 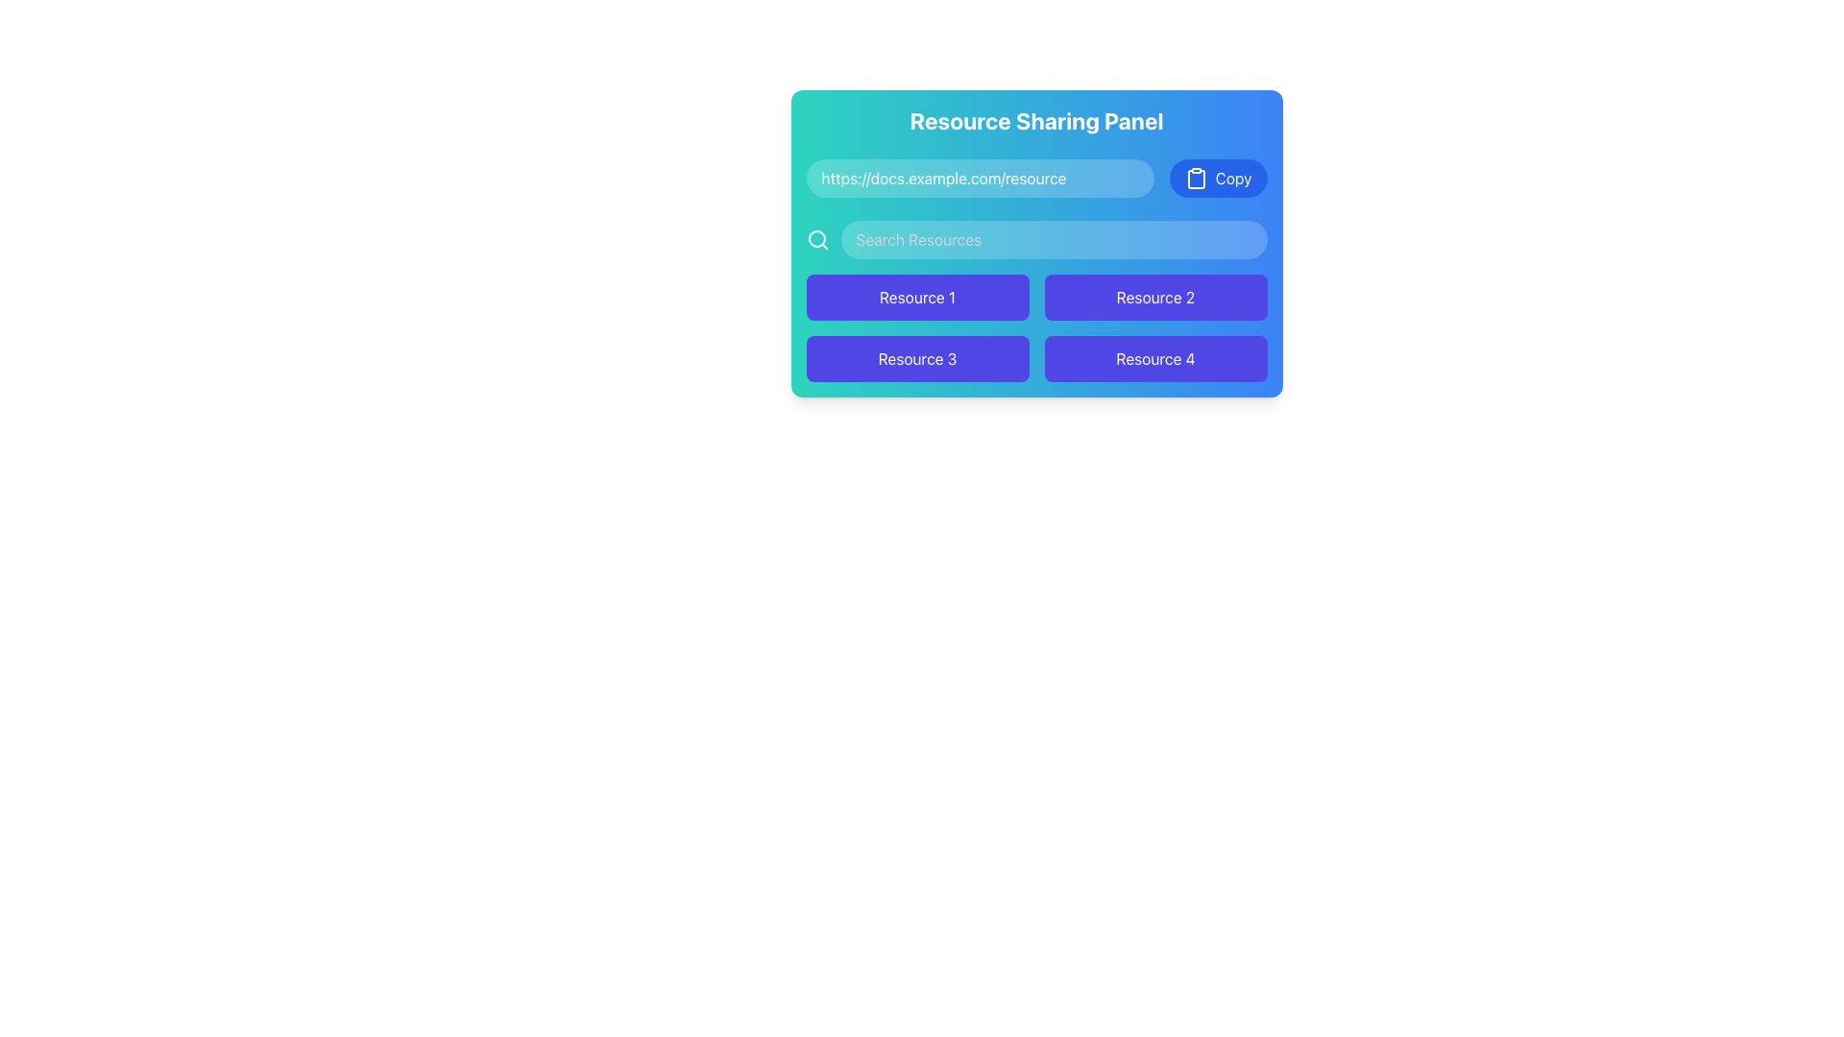 What do you see at coordinates (1154, 297) in the screenshot?
I see `the second button in the 'Resource Sharing Panel' to observe the hover effect` at bounding box center [1154, 297].